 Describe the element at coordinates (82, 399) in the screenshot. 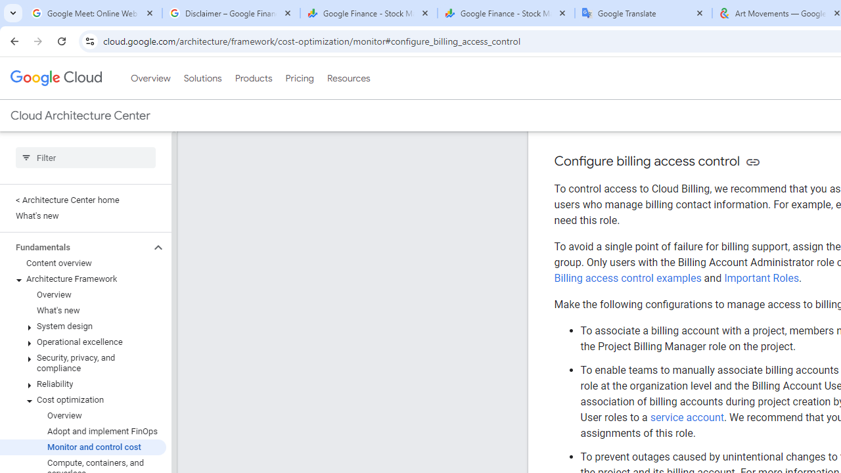

I see `'Cost optimization'` at that location.